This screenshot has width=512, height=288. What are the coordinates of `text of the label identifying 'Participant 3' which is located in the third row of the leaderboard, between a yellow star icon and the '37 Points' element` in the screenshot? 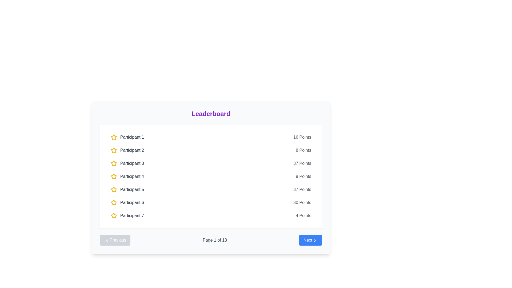 It's located at (127, 163).